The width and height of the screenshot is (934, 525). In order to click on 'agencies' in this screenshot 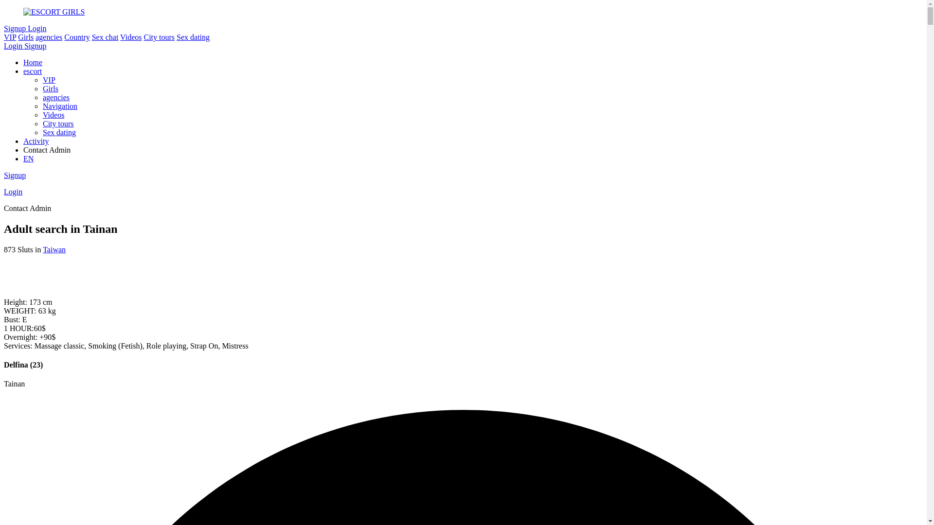, I will do `click(48, 36)`.